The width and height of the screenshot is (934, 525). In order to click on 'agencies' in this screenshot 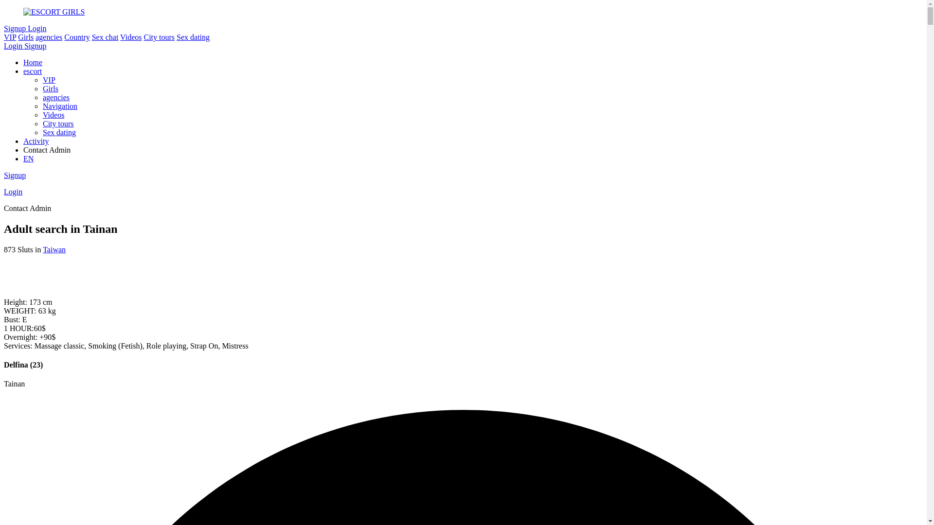, I will do `click(48, 36)`.